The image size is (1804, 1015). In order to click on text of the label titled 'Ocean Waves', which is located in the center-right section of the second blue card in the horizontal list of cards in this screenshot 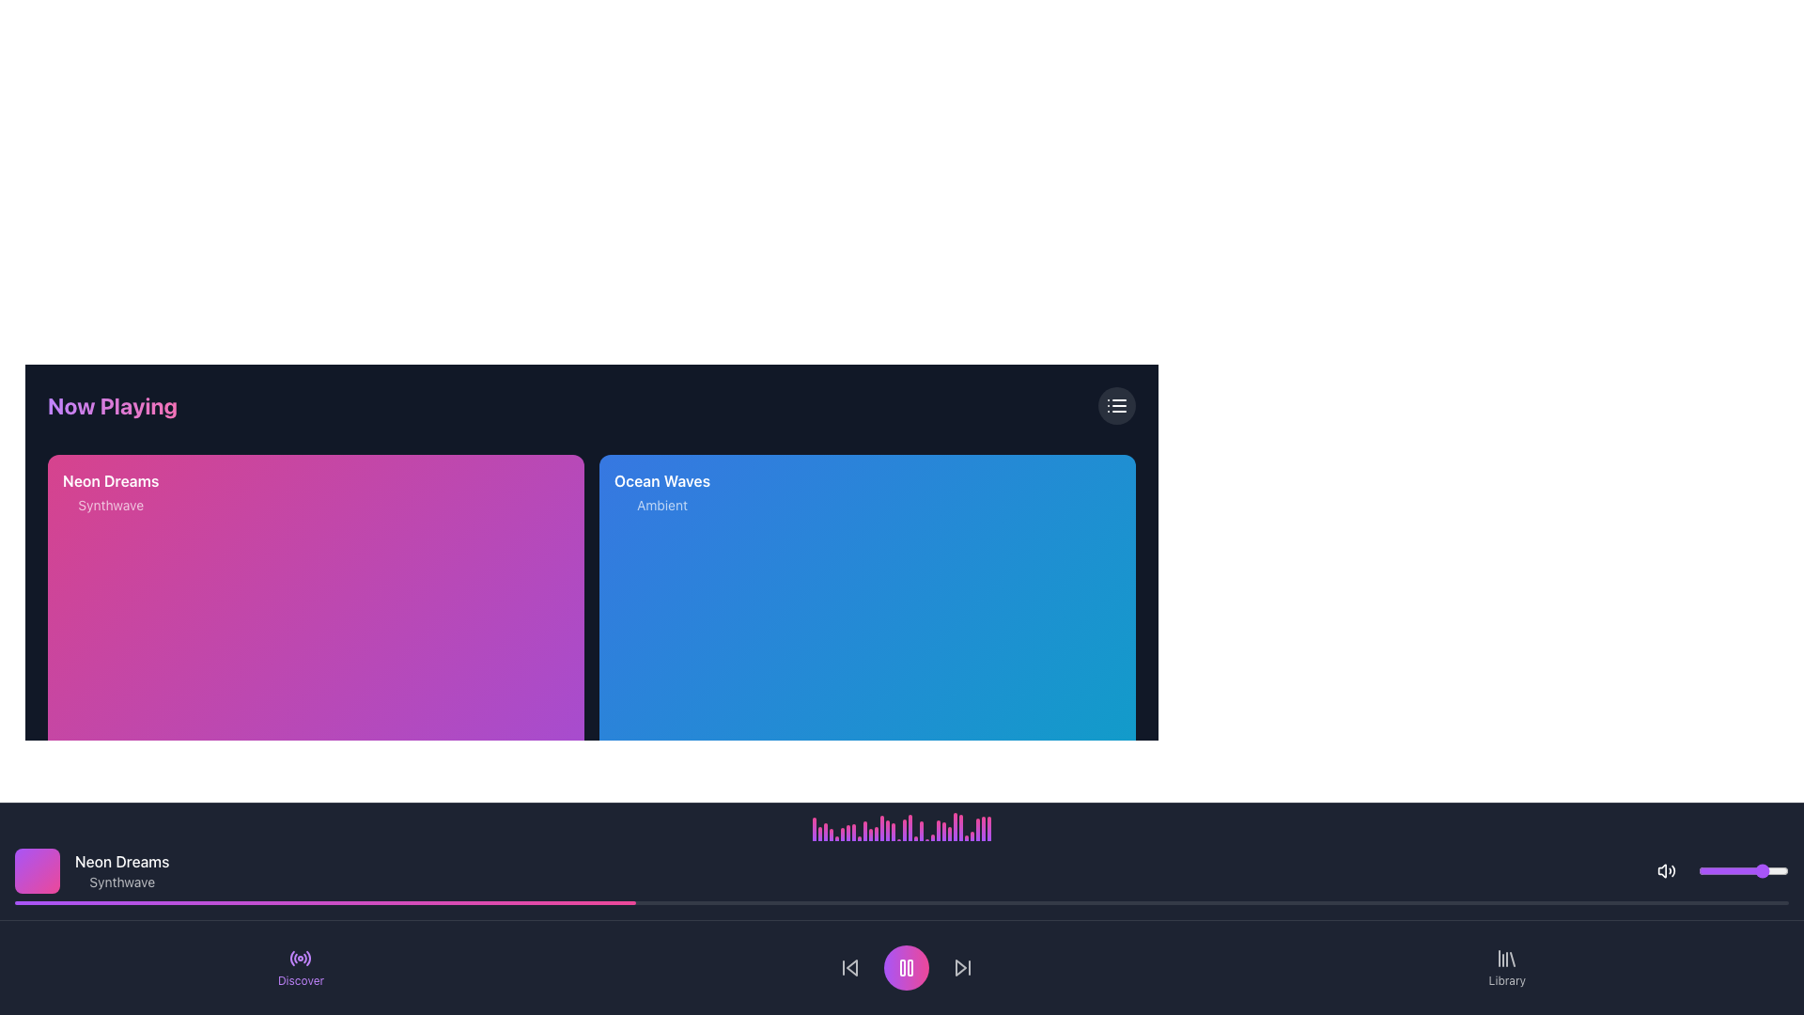, I will do `click(662, 492)`.